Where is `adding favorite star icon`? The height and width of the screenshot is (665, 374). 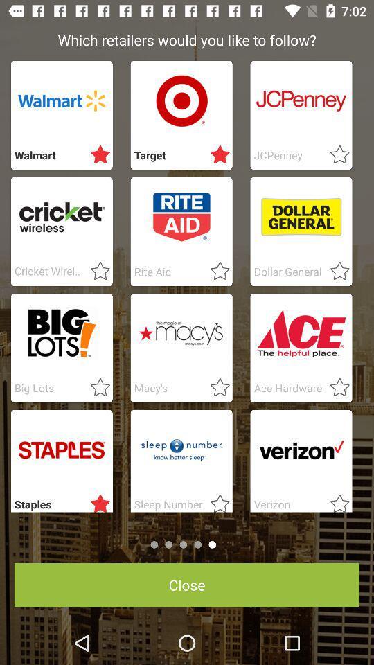 adding favorite star icon is located at coordinates (96, 155).